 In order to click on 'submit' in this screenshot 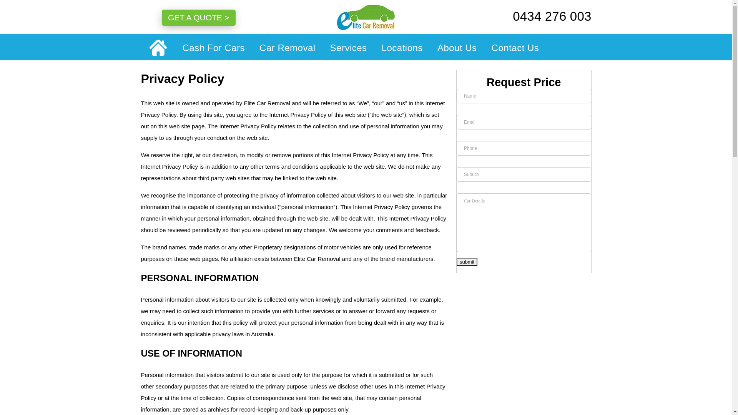, I will do `click(466, 261)`.